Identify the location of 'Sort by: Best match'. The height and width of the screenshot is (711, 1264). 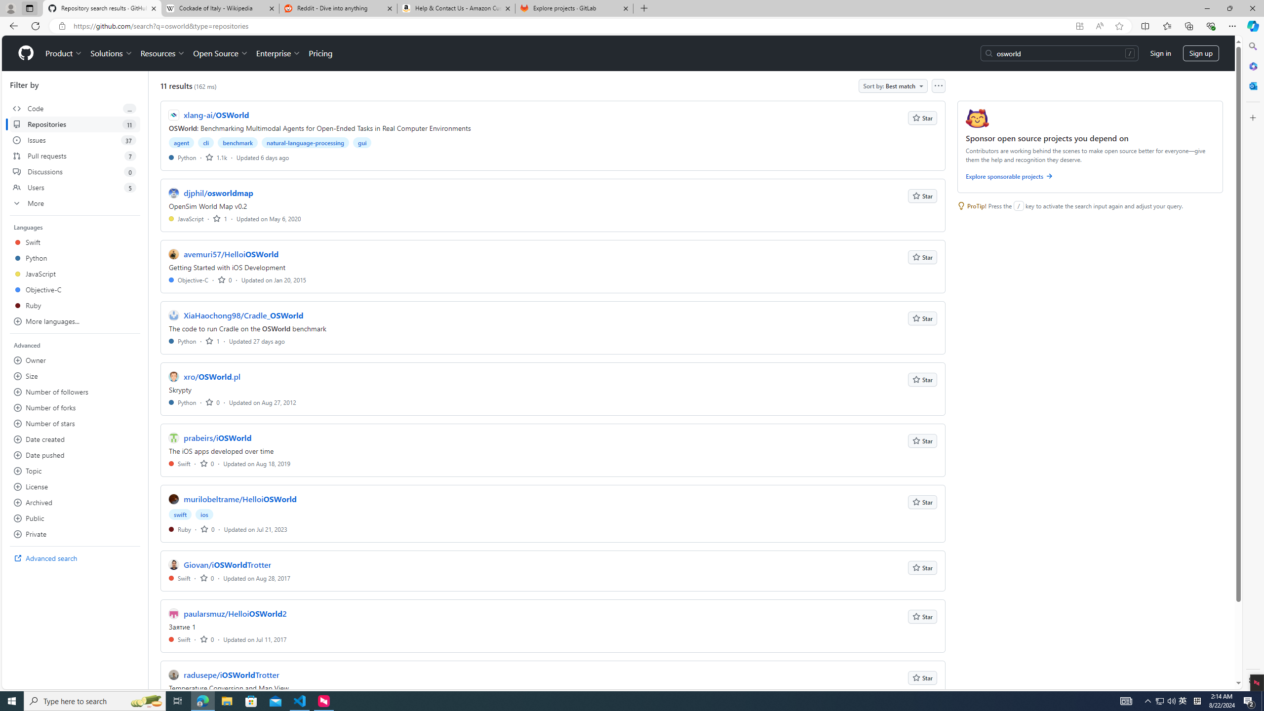
(892, 85).